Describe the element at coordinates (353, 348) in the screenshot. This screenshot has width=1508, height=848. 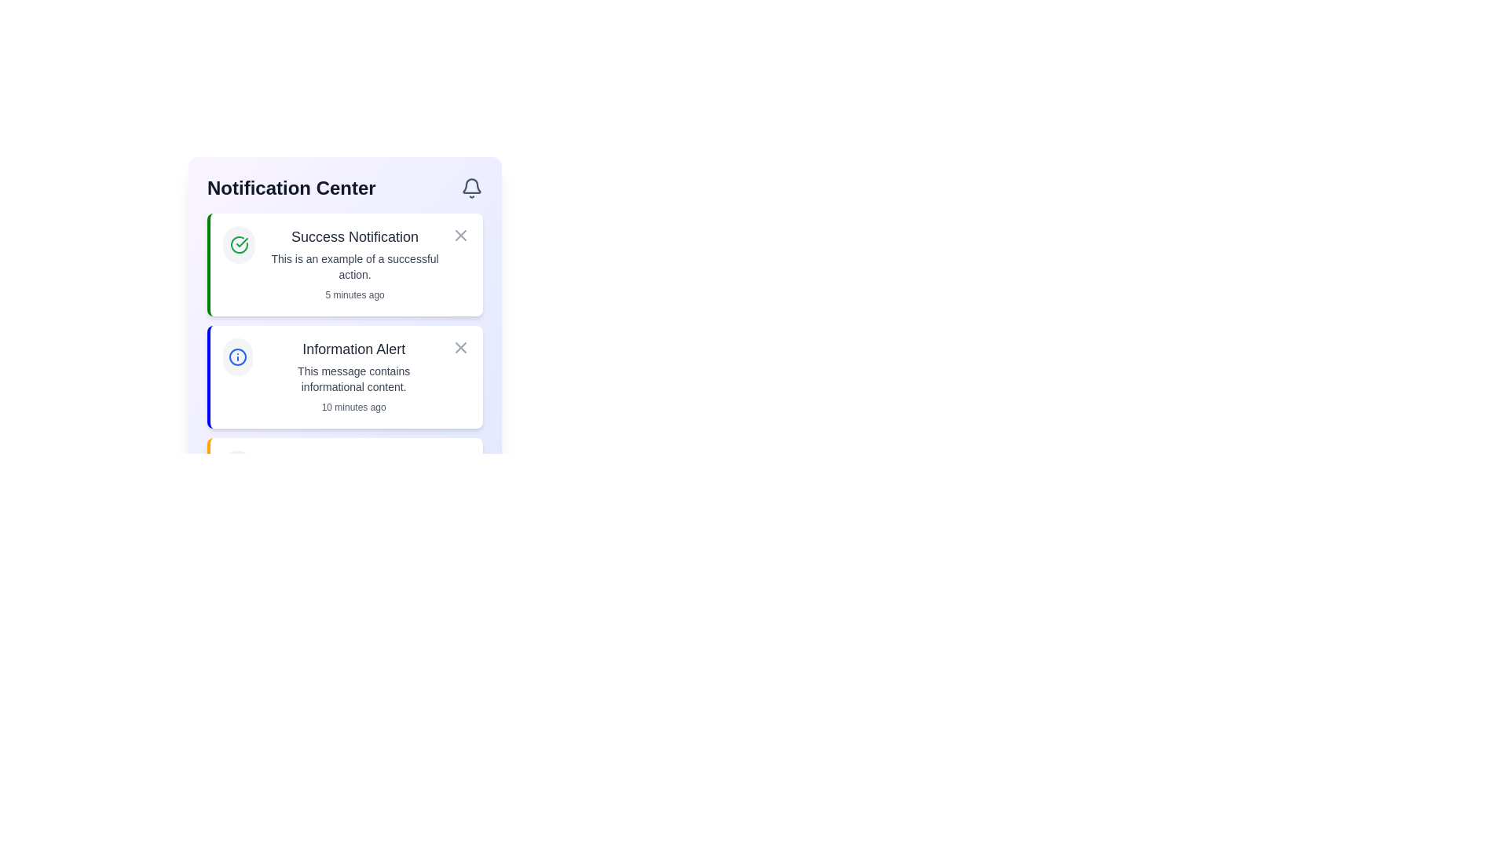
I see `the text label displaying 'Information Alert' in bold font within the notification area beneath 'Notification Center'` at that location.